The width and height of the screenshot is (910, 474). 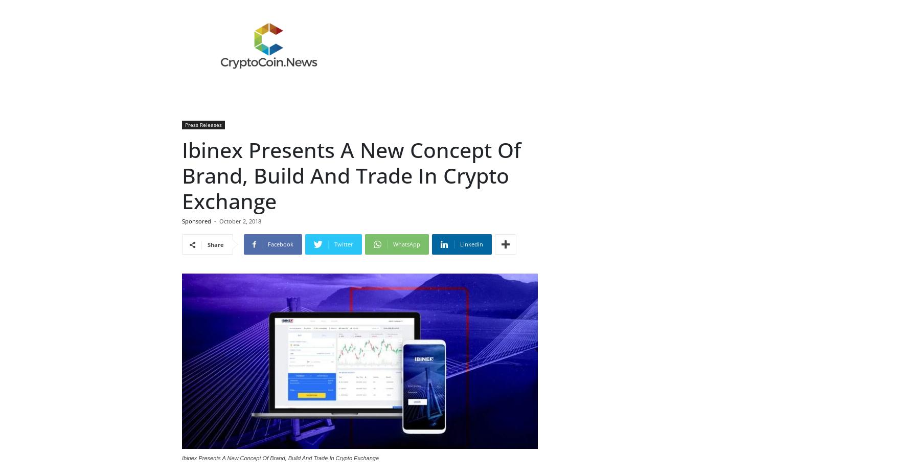 What do you see at coordinates (352, 39) in the screenshot?
I see `'presents a friendly environment for the exchanges. “We believe that exchanges must give an idea of branding so the Ibinex will build it” Yafit explained.'` at bounding box center [352, 39].